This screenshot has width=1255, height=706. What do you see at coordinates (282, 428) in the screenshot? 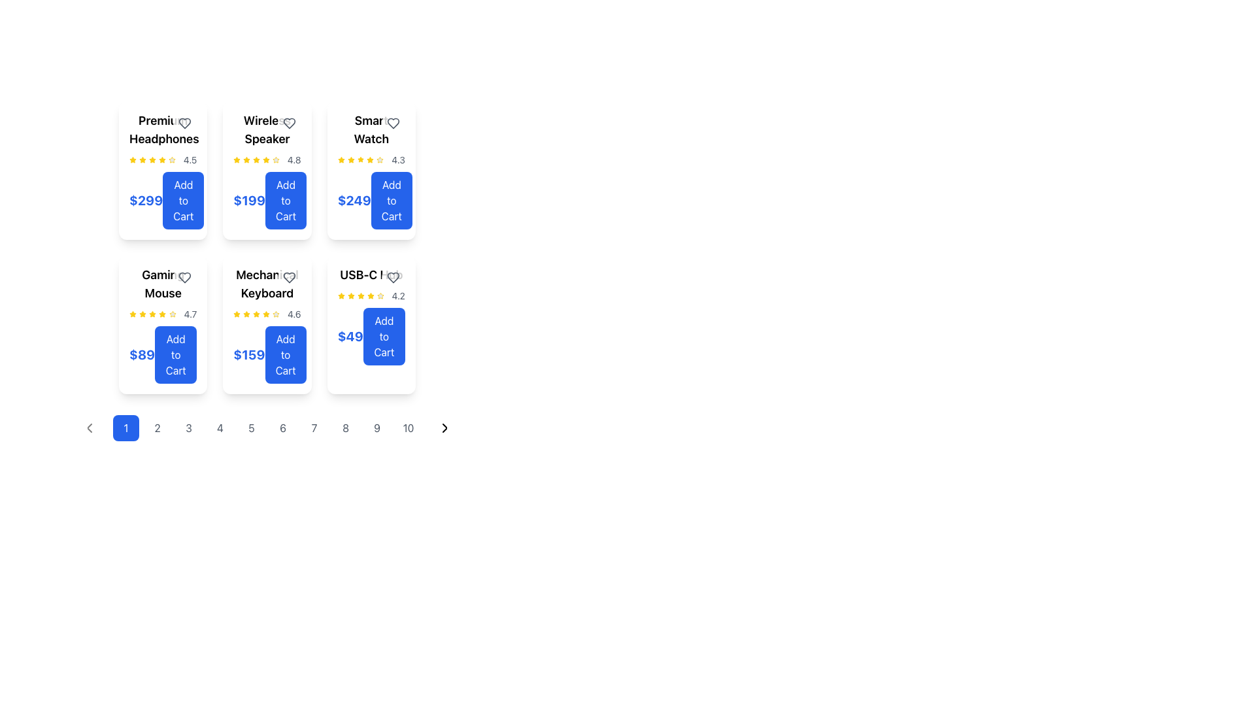
I see `the circular button displaying the number '6' to observe the background change effect` at bounding box center [282, 428].